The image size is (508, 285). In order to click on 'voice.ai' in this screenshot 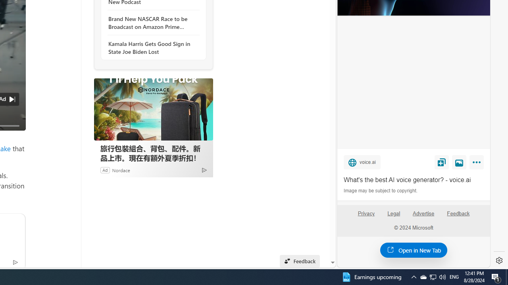, I will do `click(362, 161)`.